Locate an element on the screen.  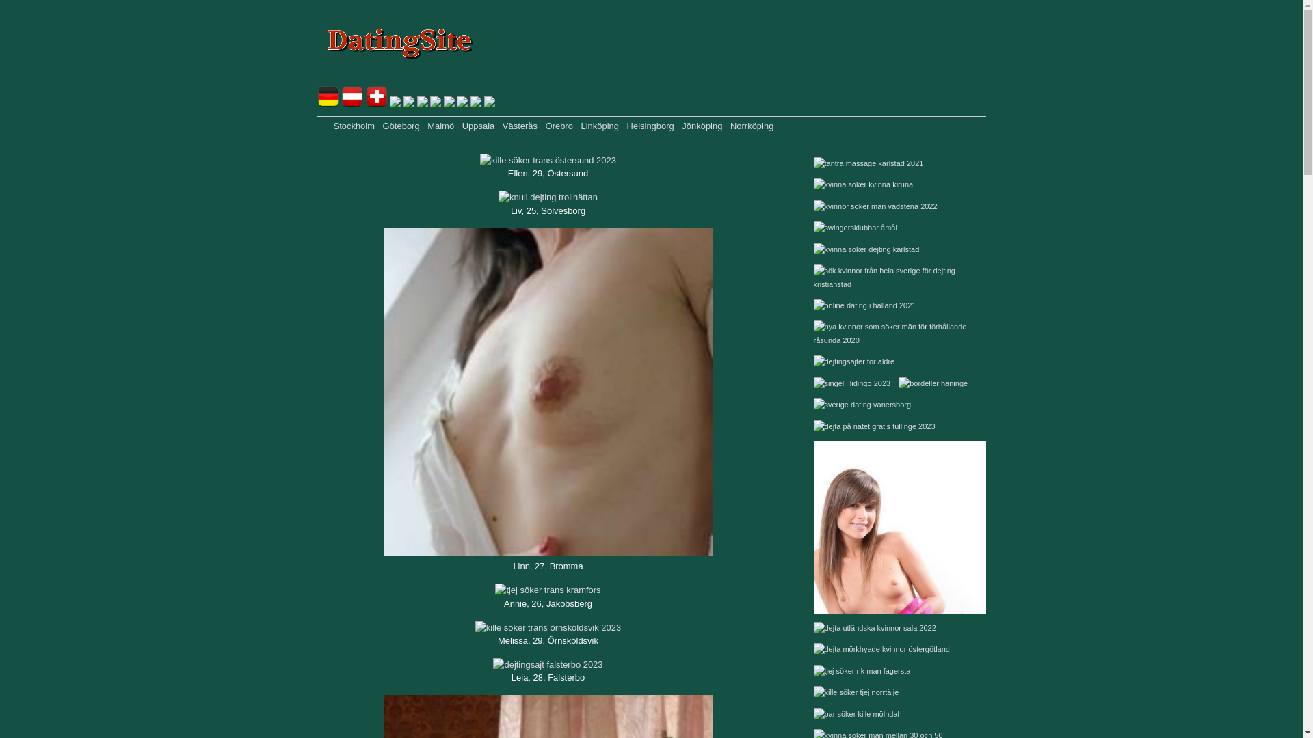
'ES' is located at coordinates (484, 103).